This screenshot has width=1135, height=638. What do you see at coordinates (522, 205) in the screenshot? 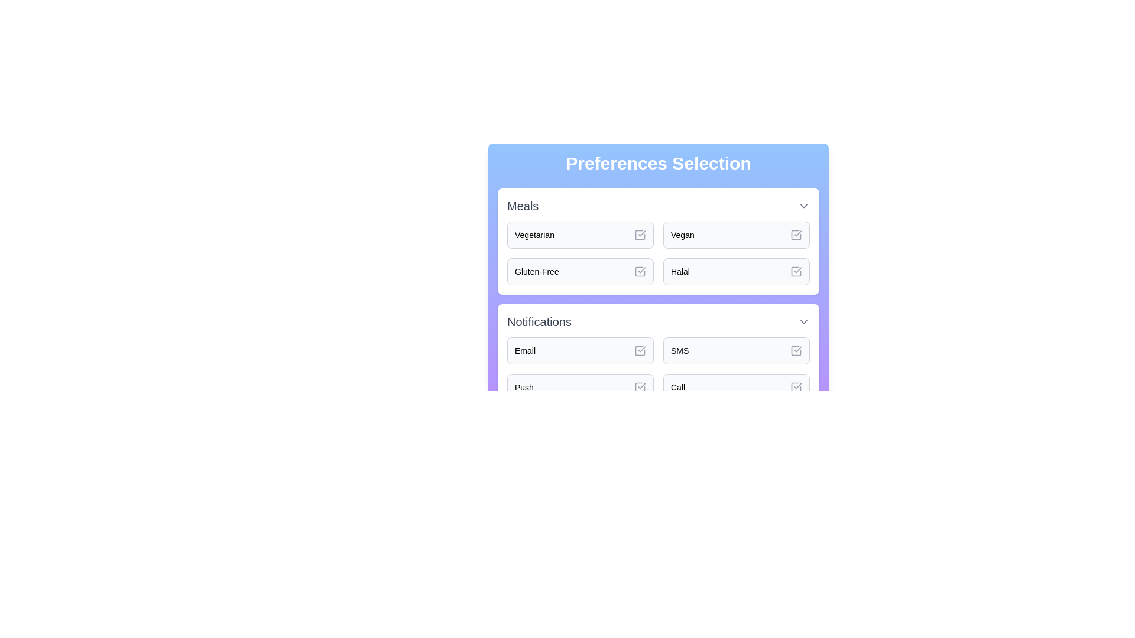
I see `the 'Meals' text label that serves as a heading or title in the interface` at bounding box center [522, 205].